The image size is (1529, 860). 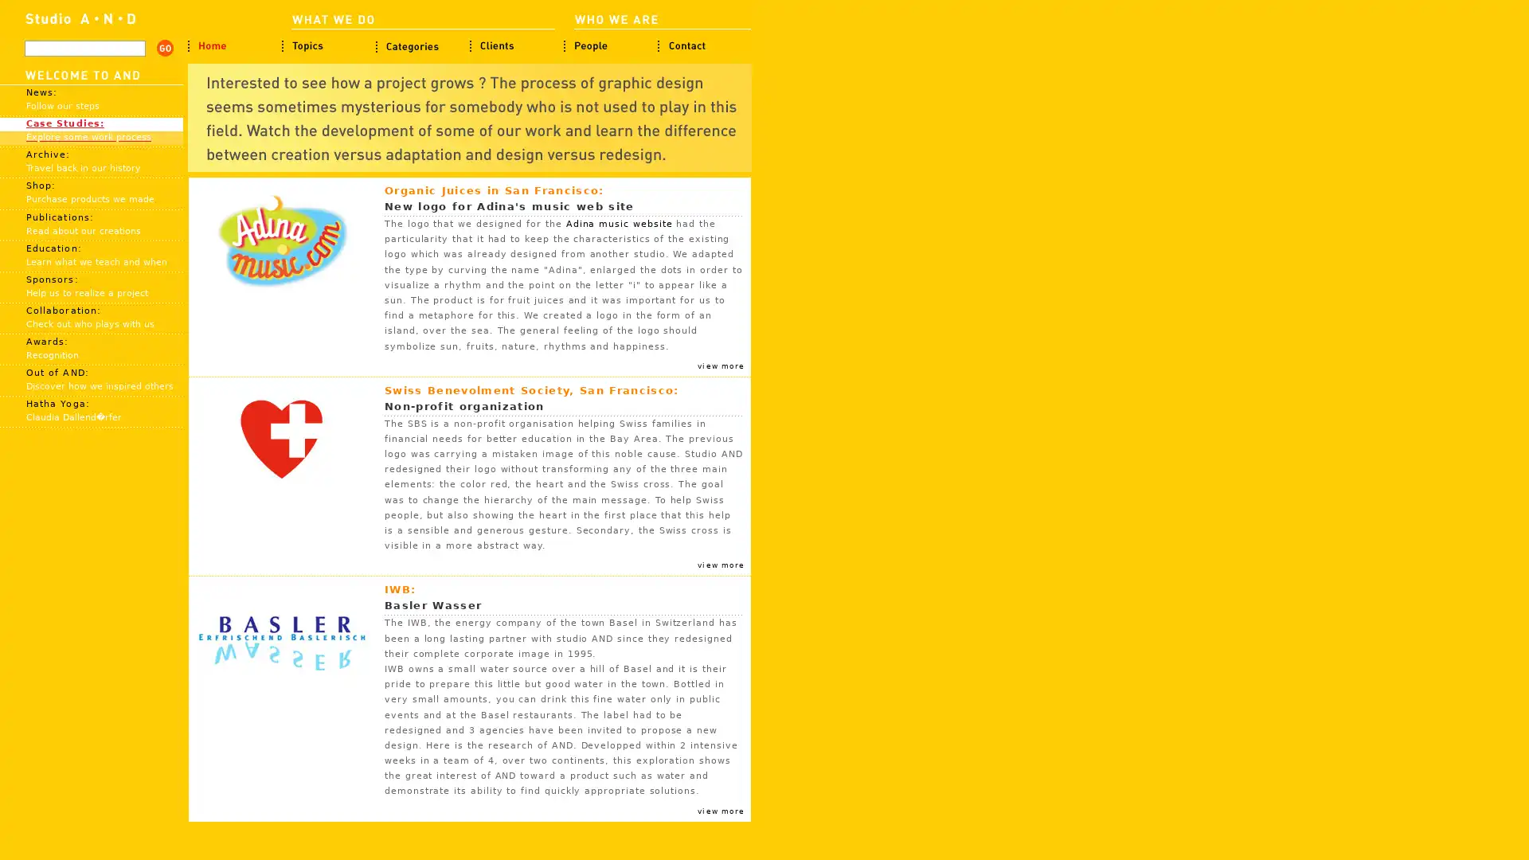 What do you see at coordinates (164, 47) in the screenshot?
I see `search` at bounding box center [164, 47].